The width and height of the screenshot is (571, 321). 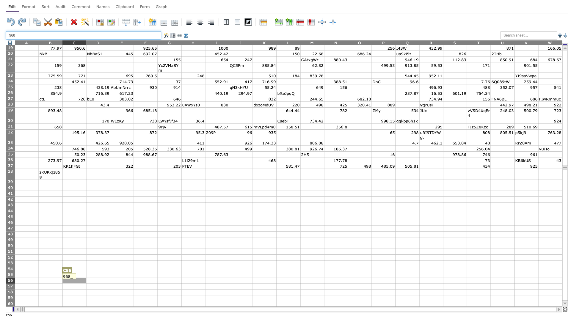 What do you see at coordinates (169, 281) in the screenshot?
I see `G56` at bounding box center [169, 281].